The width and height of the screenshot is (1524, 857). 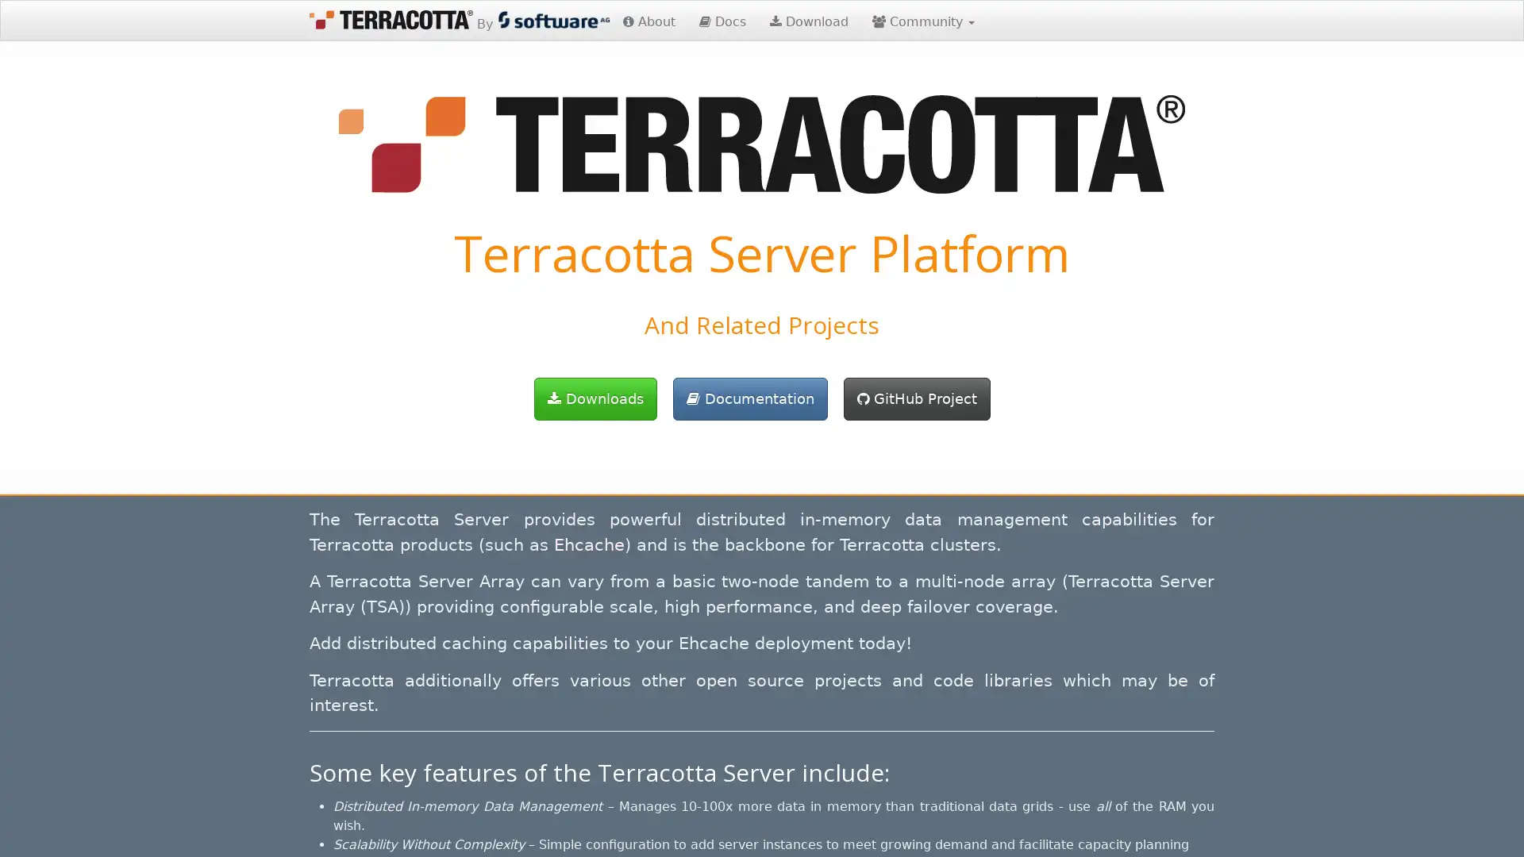 What do you see at coordinates (594, 398) in the screenshot?
I see `Downloads` at bounding box center [594, 398].